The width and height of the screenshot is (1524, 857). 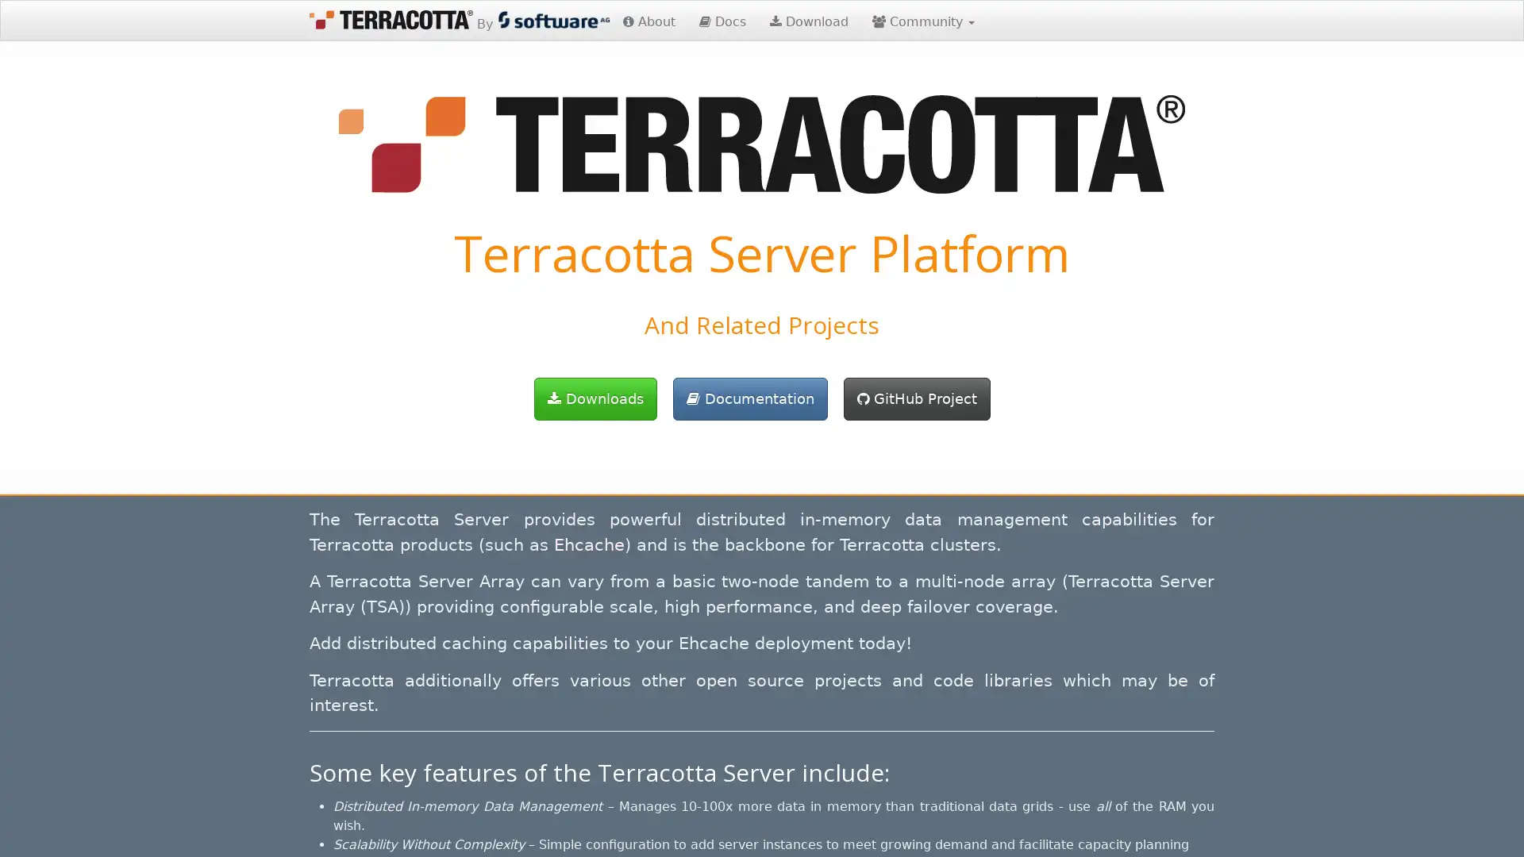 What do you see at coordinates (594, 398) in the screenshot?
I see `Downloads` at bounding box center [594, 398].